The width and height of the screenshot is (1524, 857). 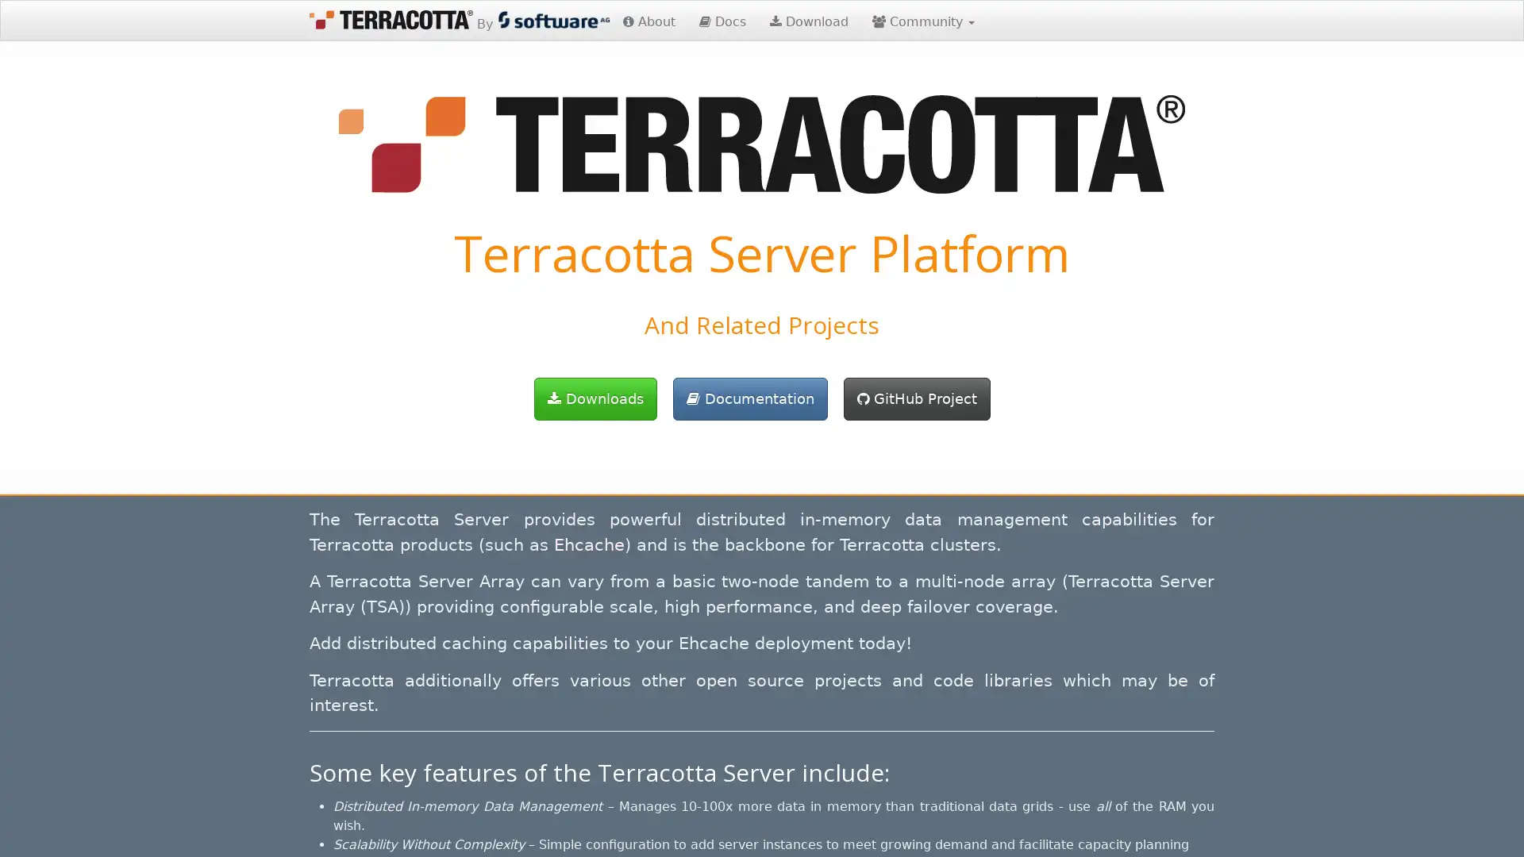 What do you see at coordinates (594, 398) in the screenshot?
I see `Downloads` at bounding box center [594, 398].